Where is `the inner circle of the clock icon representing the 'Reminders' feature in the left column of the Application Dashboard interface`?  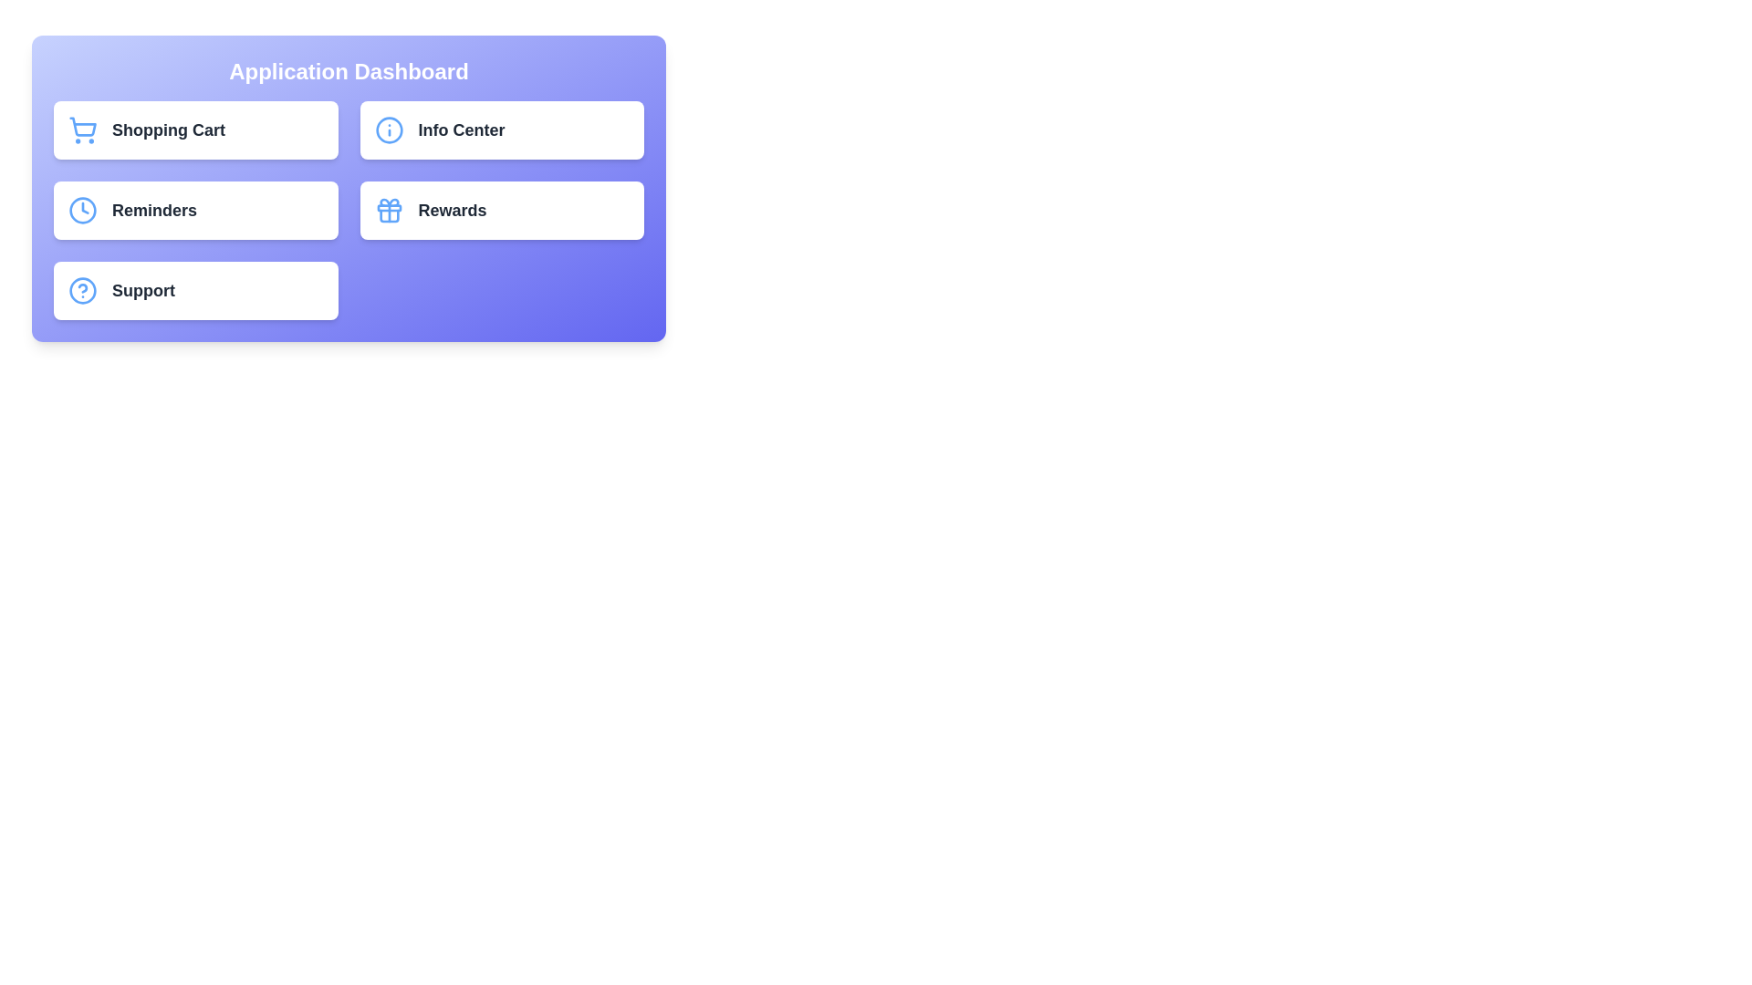
the inner circle of the clock icon representing the 'Reminders' feature in the left column of the Application Dashboard interface is located at coordinates (82, 210).